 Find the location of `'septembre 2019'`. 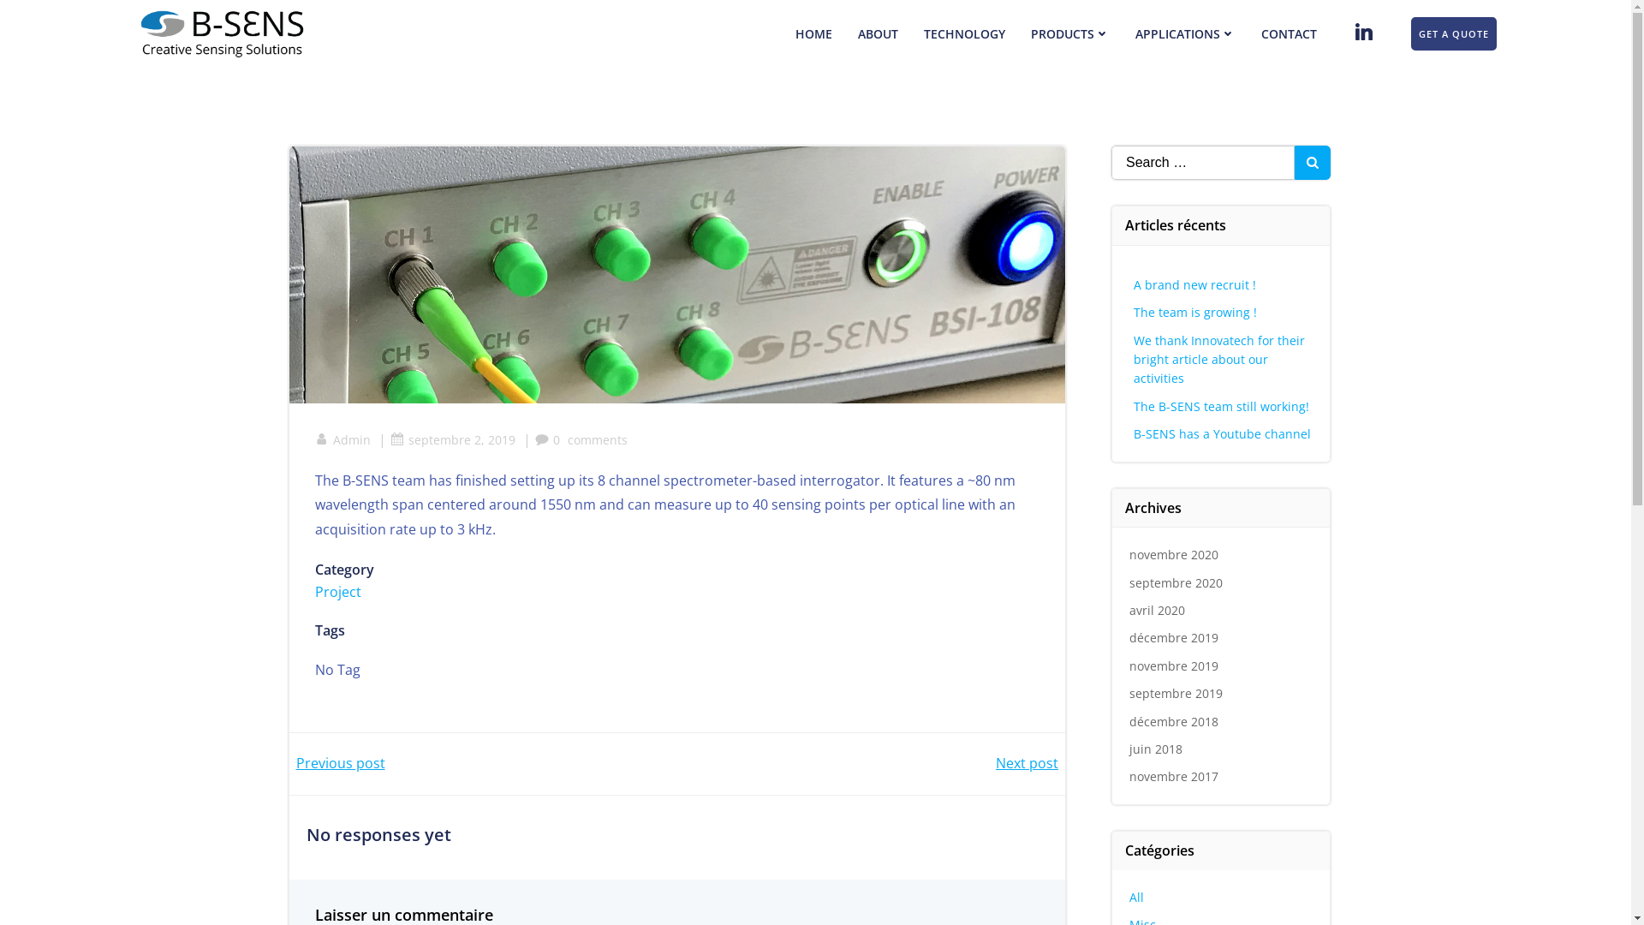

'septembre 2019' is located at coordinates (1175, 692).